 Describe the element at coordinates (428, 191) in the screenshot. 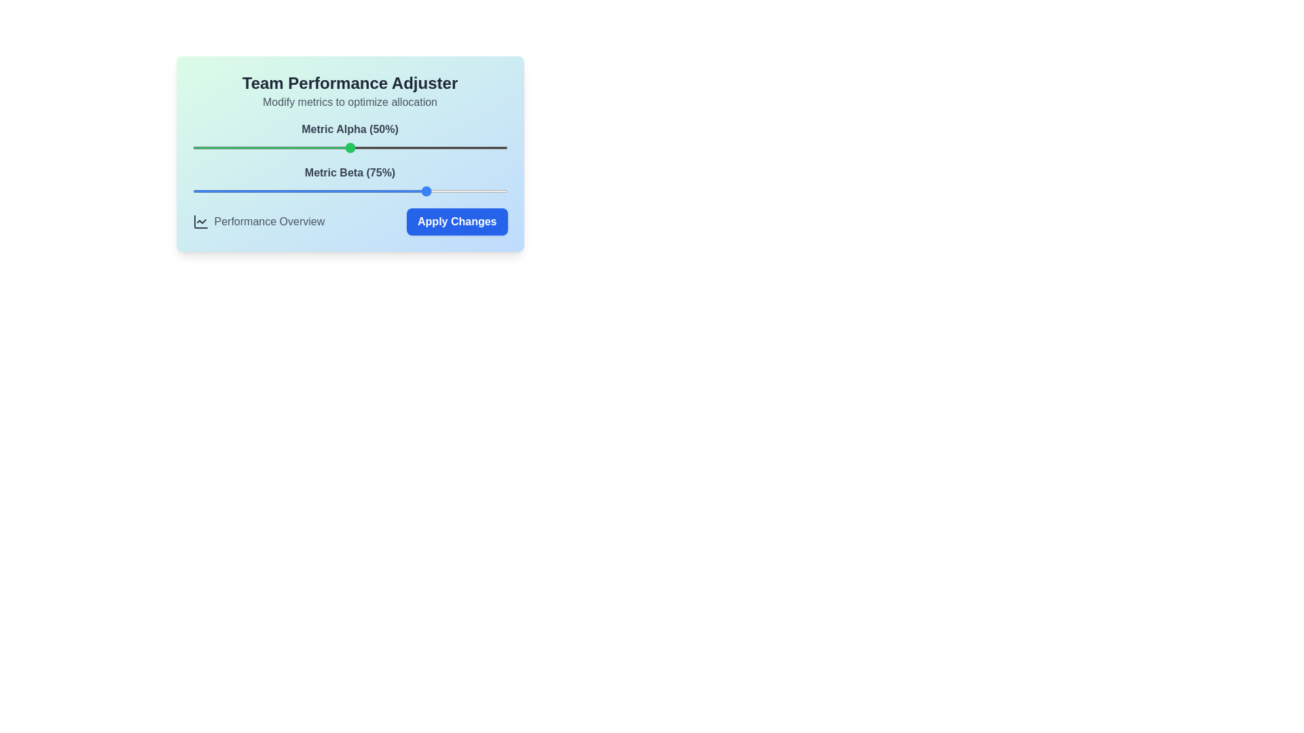

I see `the Metric Beta slider to 75%` at that location.